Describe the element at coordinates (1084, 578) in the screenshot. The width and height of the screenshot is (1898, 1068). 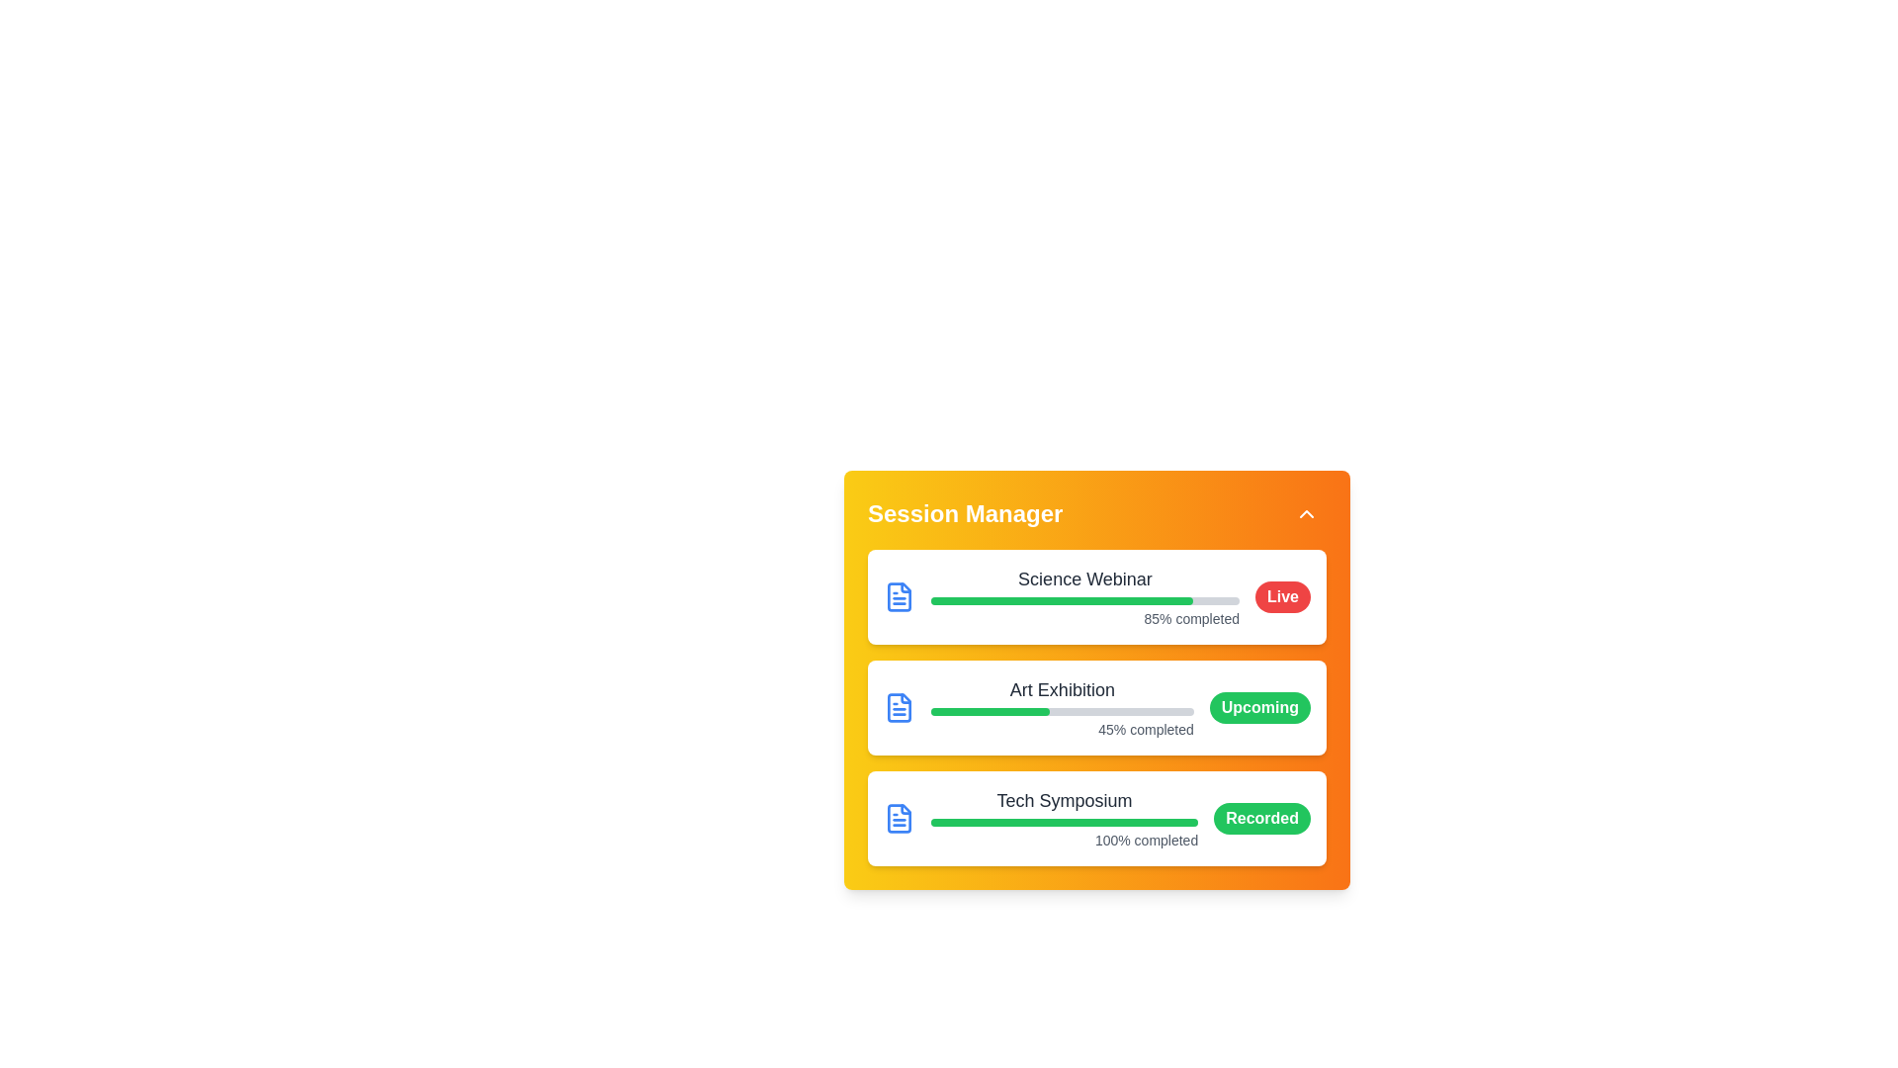
I see `the session` at that location.